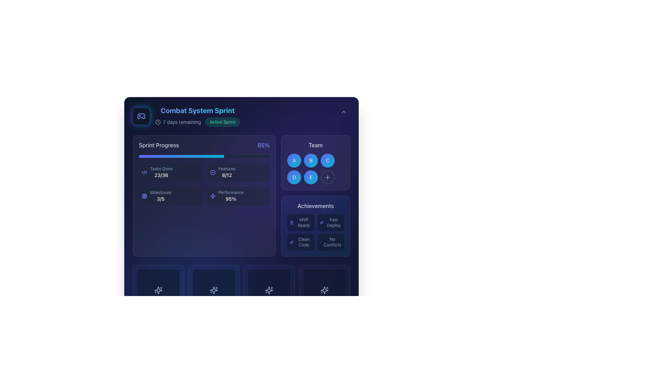  What do you see at coordinates (212, 196) in the screenshot?
I see `the indigo blue lightning bolt icon within the performance indicator box that displays 'Performance 95%' in the Sprint Progress section` at bounding box center [212, 196].